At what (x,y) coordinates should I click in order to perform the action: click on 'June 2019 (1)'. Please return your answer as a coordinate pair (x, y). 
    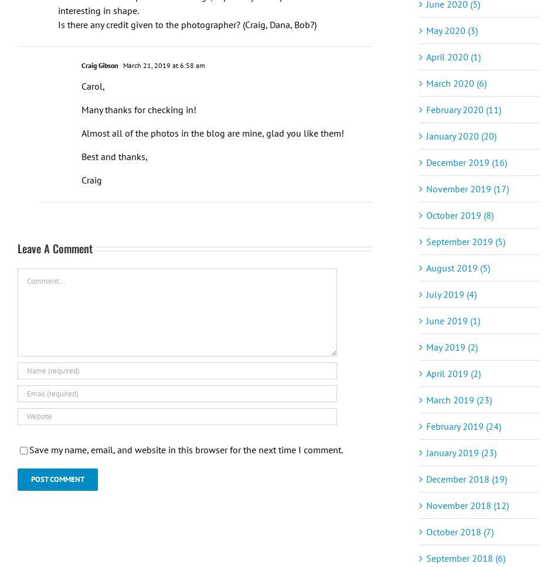
    Looking at the image, I should click on (453, 320).